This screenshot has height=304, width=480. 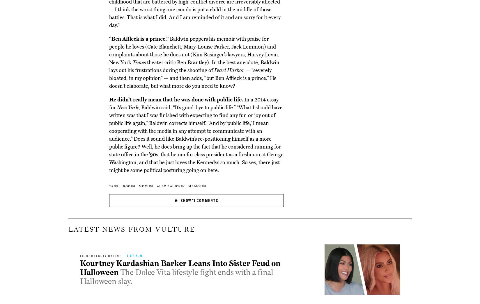 I want to click on 'In a 2014', so click(x=255, y=99).